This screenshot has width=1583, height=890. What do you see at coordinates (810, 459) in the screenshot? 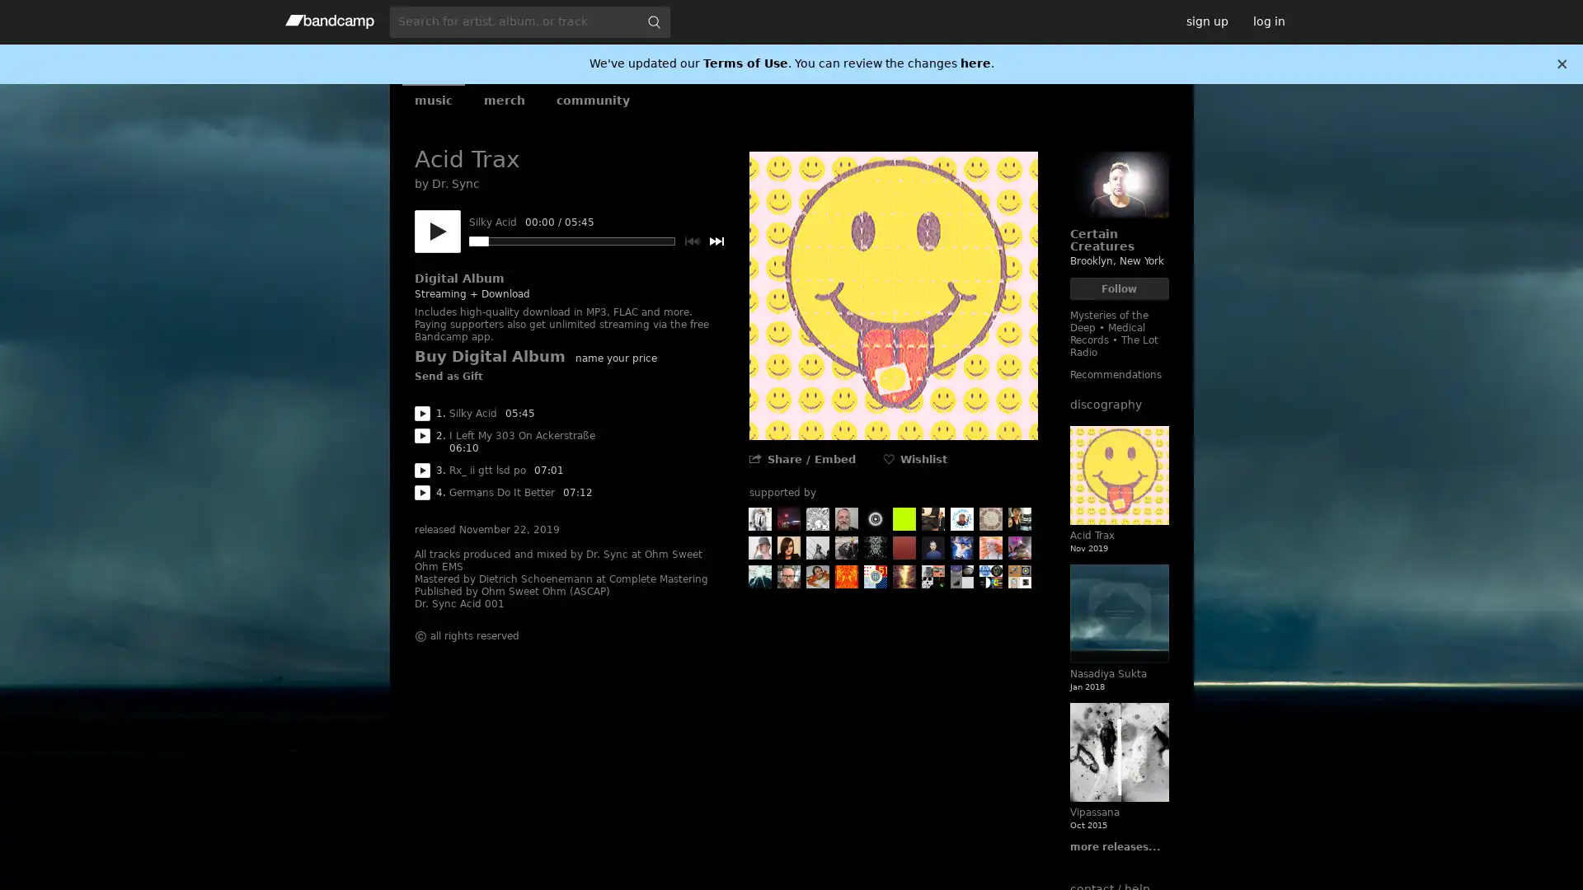
I see `Share / Embed` at bounding box center [810, 459].